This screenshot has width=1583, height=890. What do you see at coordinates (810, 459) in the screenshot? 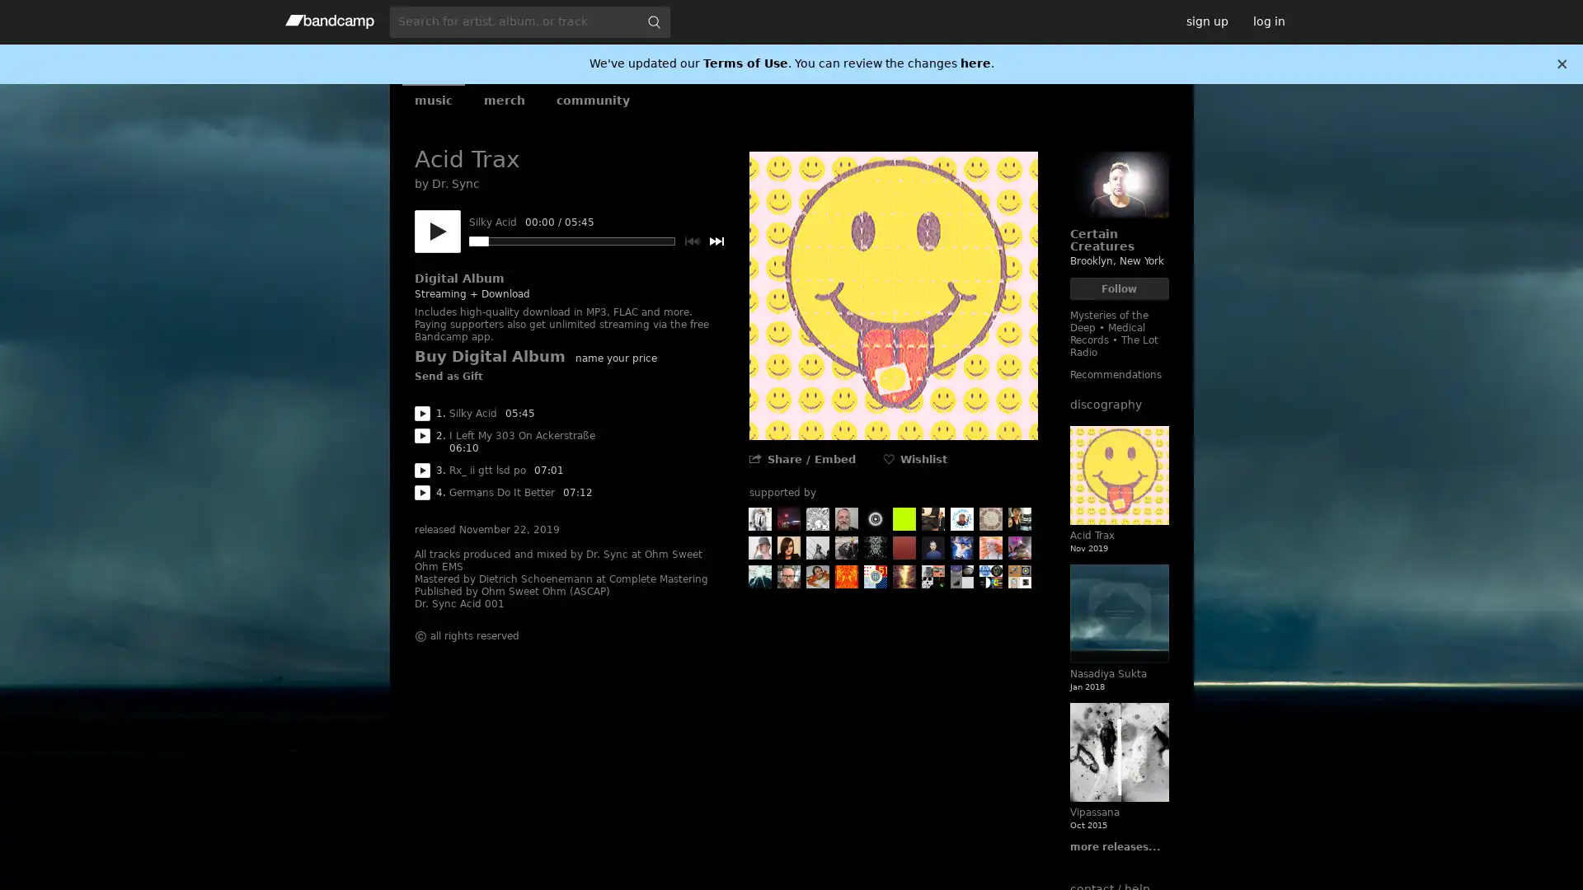
I see `Share / Embed` at bounding box center [810, 459].